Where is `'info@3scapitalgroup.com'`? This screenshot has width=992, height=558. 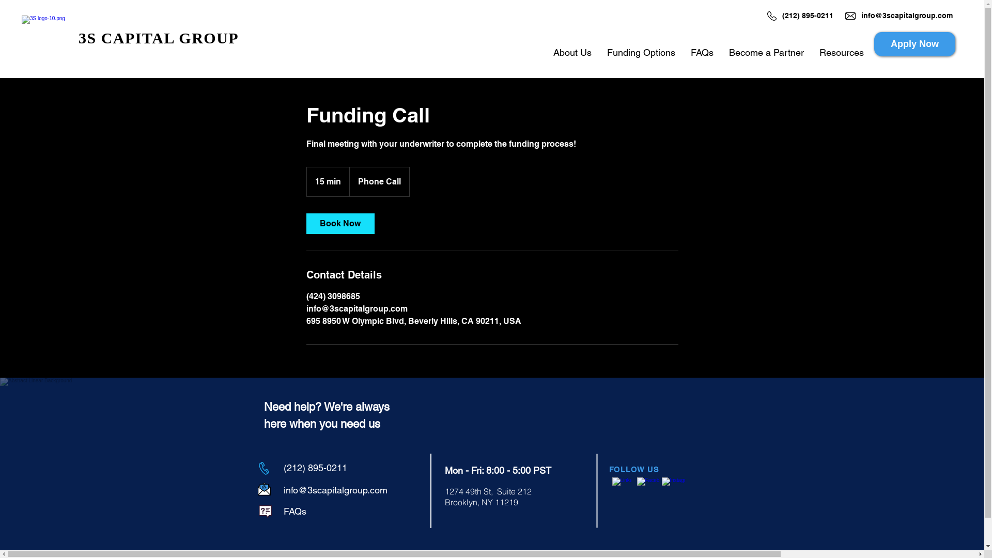
'info@3scapitalgroup.com' is located at coordinates (906, 16).